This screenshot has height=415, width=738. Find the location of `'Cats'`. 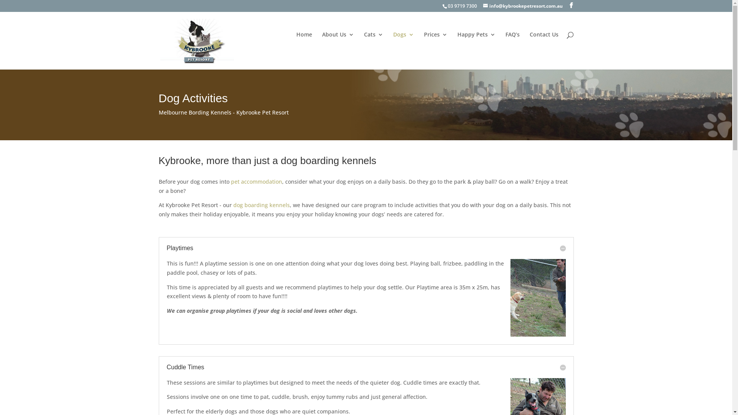

'Cats' is located at coordinates (373, 44).